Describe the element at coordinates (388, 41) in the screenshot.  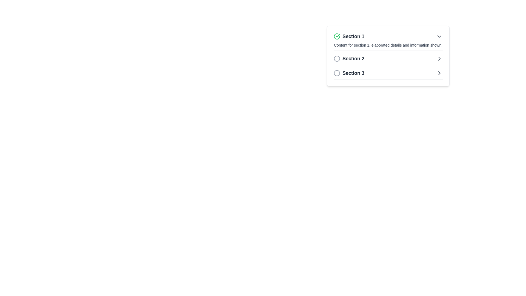
I see `the arrow on the first Collapsible Section Header` at that location.